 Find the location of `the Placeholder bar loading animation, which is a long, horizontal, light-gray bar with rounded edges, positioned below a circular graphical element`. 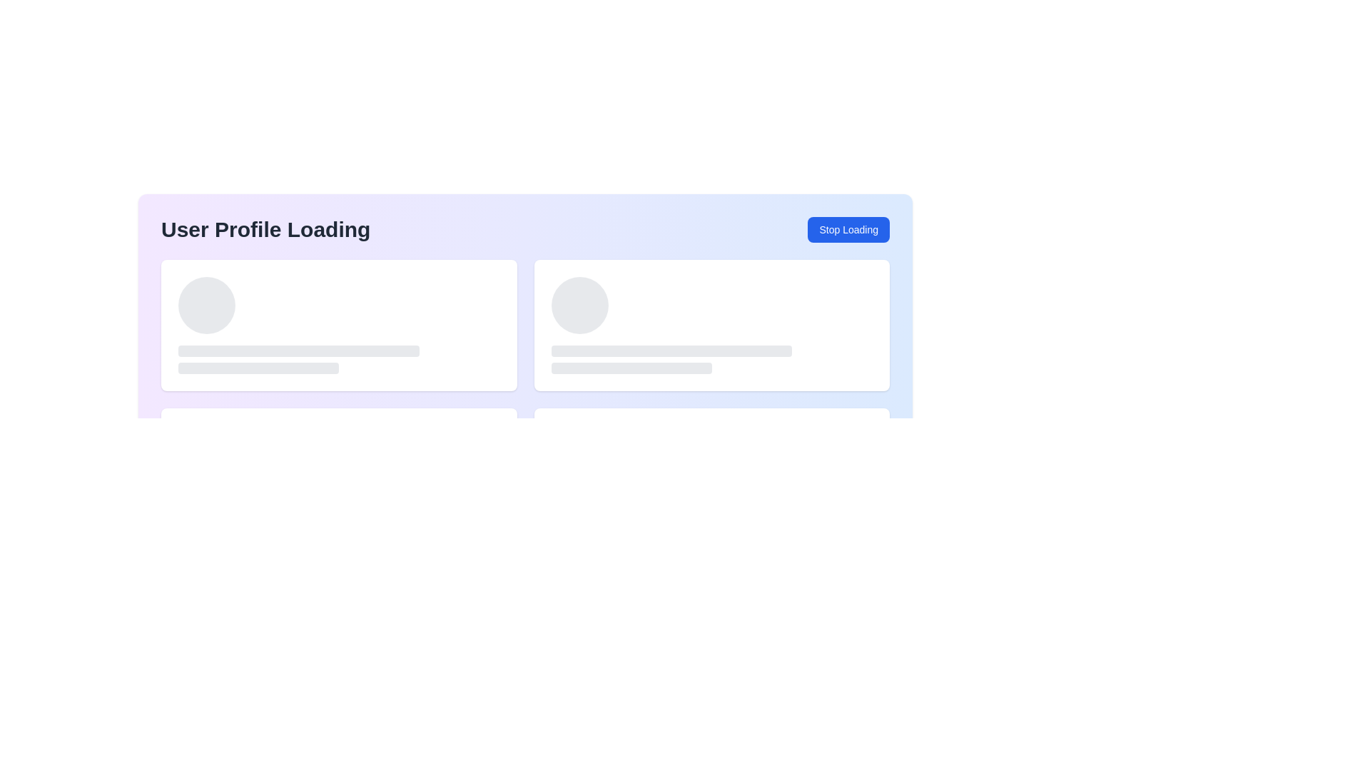

the Placeholder bar loading animation, which is a long, horizontal, light-gray bar with rounded edges, positioned below a circular graphical element is located at coordinates (671, 351).